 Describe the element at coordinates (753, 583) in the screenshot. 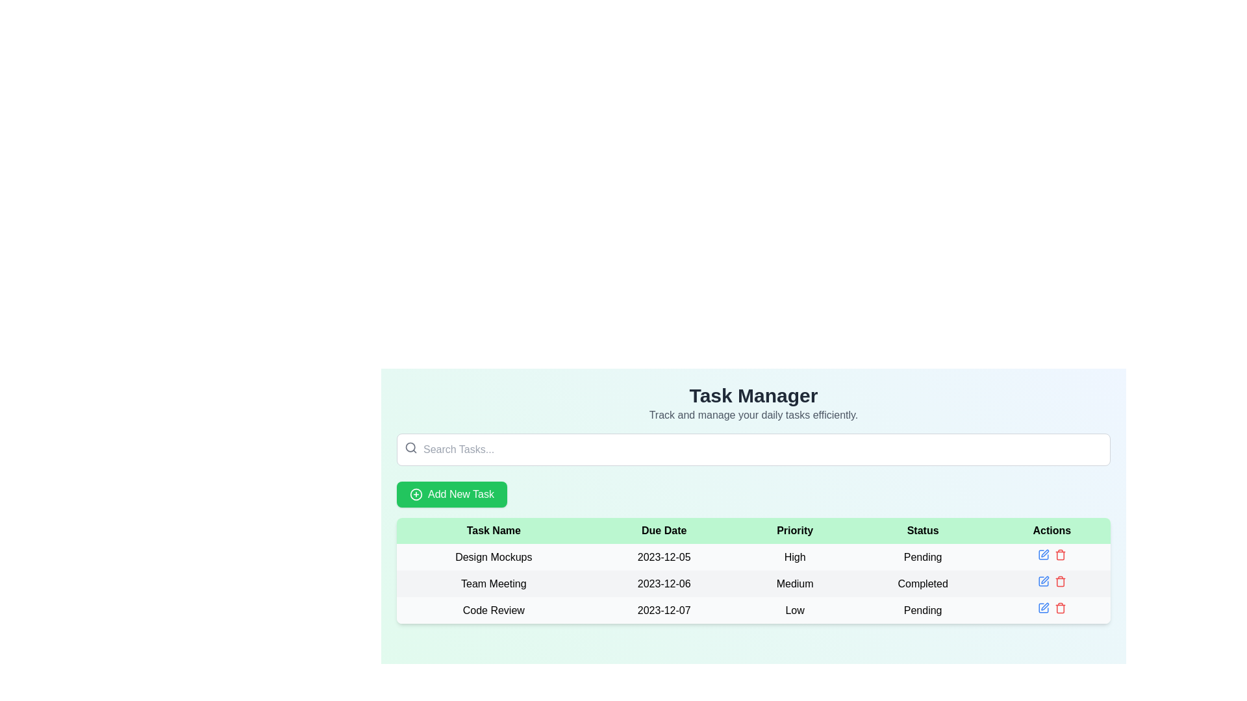

I see `the 'Team Meeting' row in the task table` at that location.